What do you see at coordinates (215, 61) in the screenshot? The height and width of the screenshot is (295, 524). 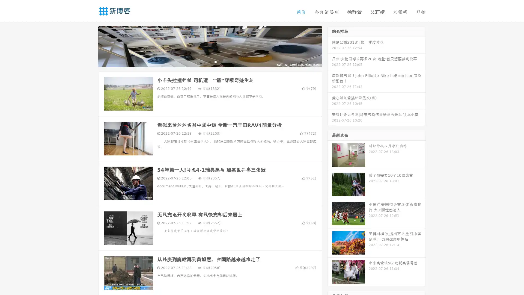 I see `Go to slide 3` at bounding box center [215, 61].